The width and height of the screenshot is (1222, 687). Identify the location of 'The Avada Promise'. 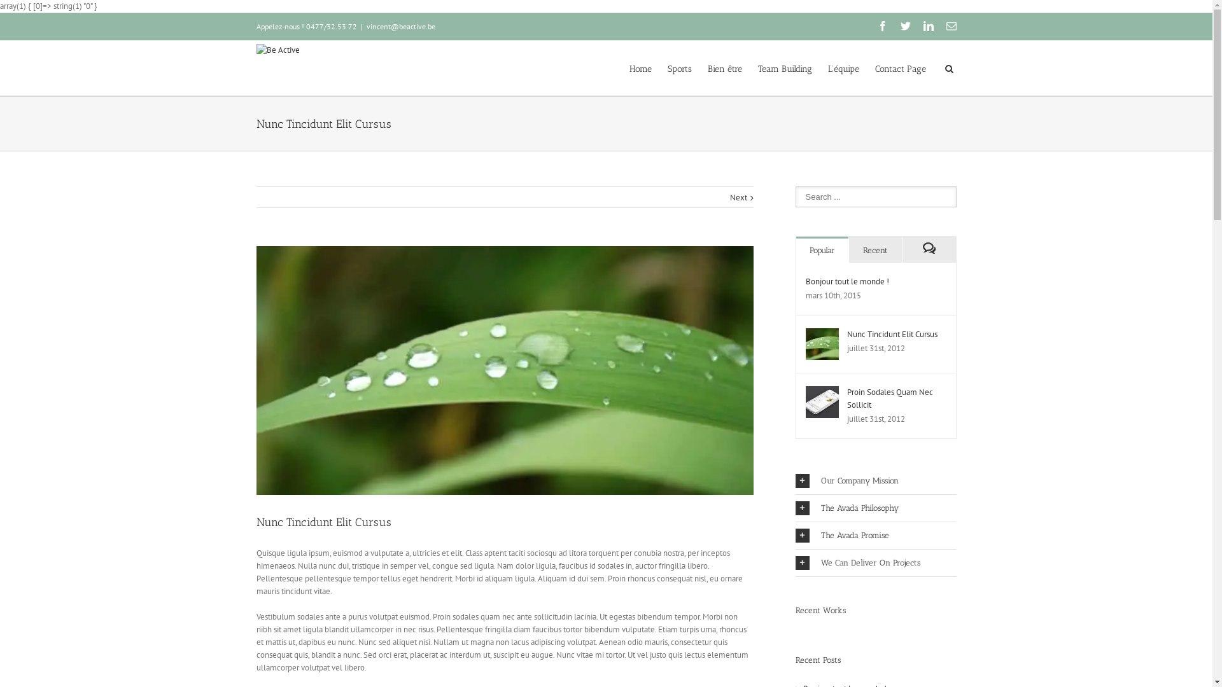
(875, 535).